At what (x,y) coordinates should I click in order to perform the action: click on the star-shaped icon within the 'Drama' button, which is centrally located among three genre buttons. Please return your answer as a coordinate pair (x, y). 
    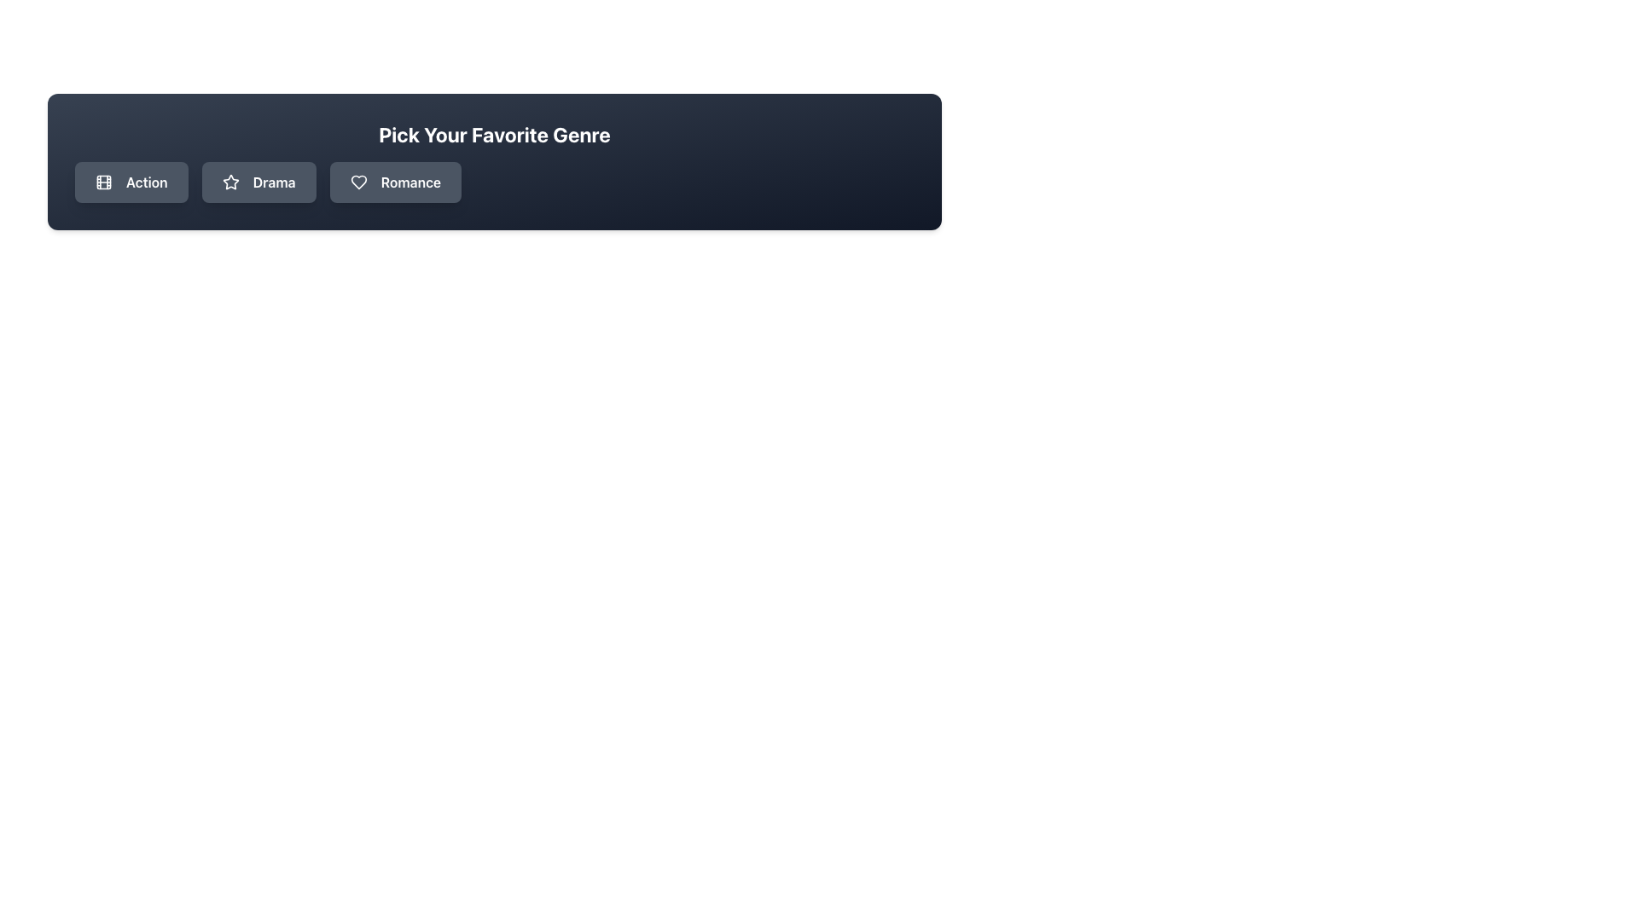
    Looking at the image, I should click on (229, 182).